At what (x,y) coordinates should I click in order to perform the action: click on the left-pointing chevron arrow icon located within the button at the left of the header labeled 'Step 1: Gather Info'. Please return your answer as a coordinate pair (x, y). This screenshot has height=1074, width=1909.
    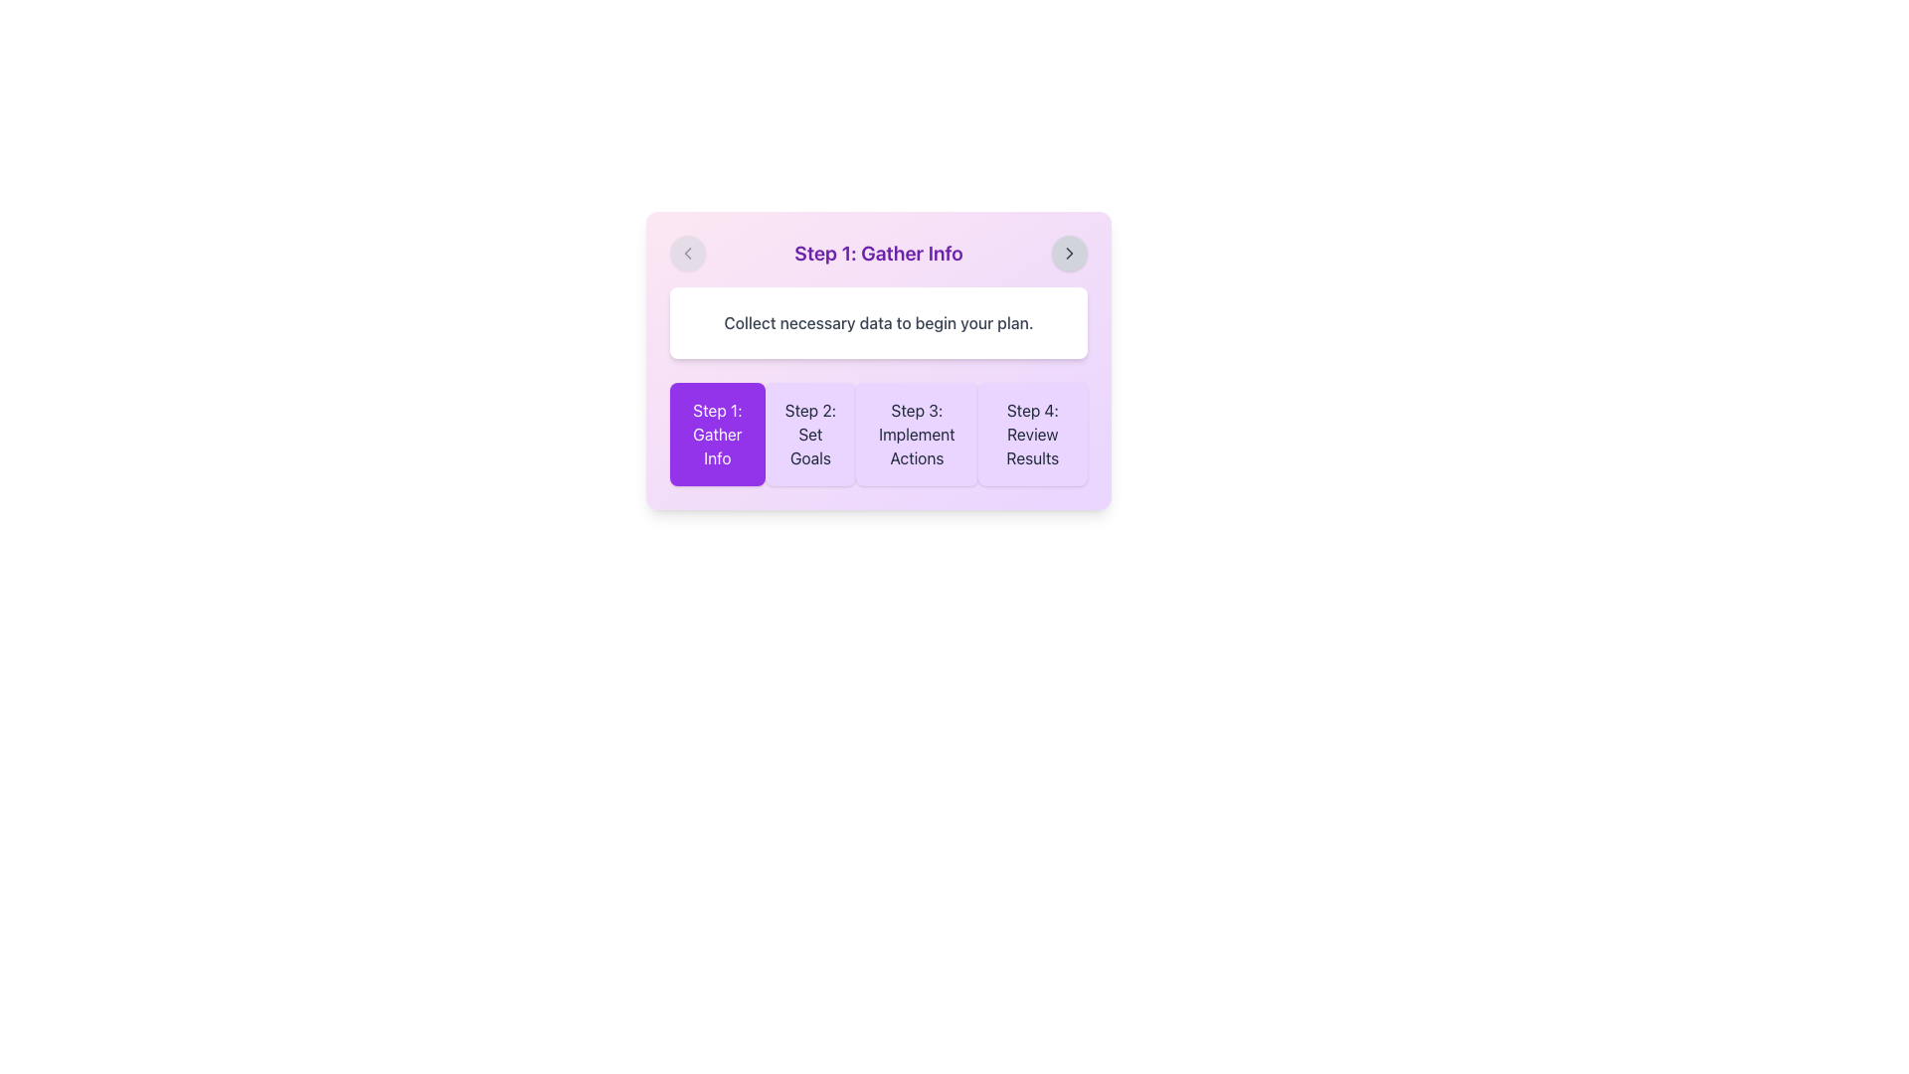
    Looking at the image, I should click on (687, 252).